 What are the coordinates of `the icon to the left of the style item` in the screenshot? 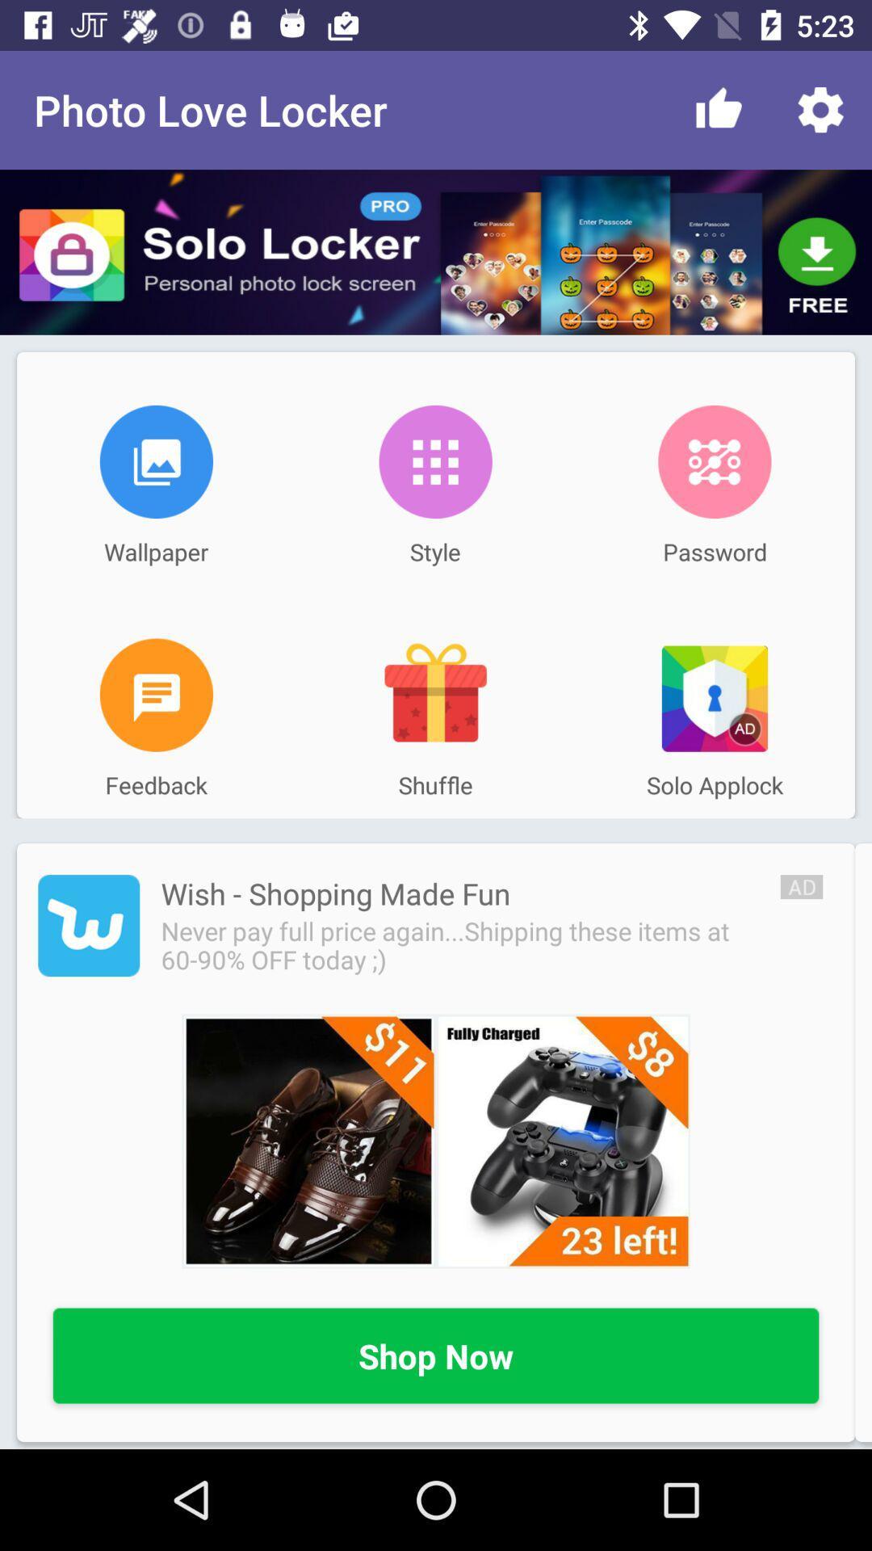 It's located at (156, 460).